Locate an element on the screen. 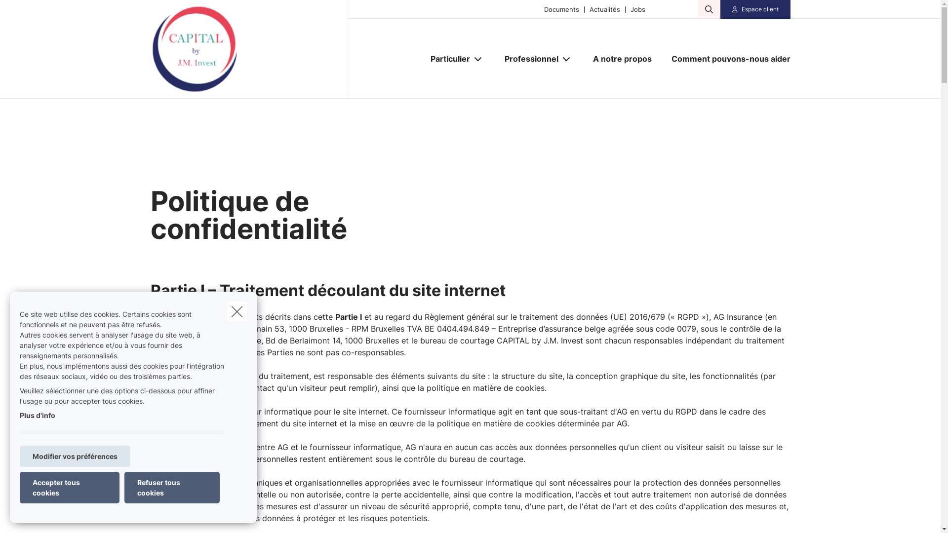  'Documents' is located at coordinates (558, 9).